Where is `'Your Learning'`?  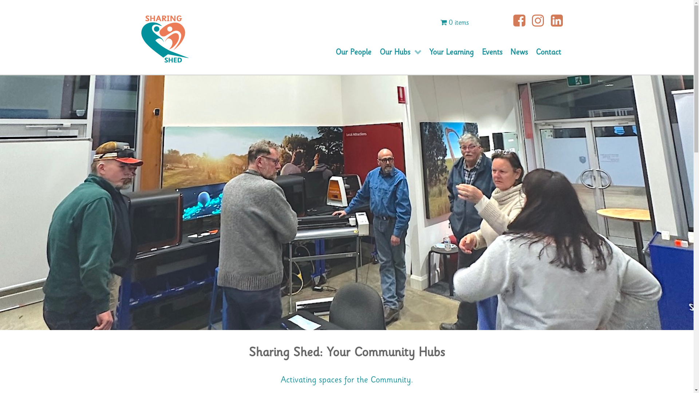 'Your Learning' is located at coordinates (451, 52).